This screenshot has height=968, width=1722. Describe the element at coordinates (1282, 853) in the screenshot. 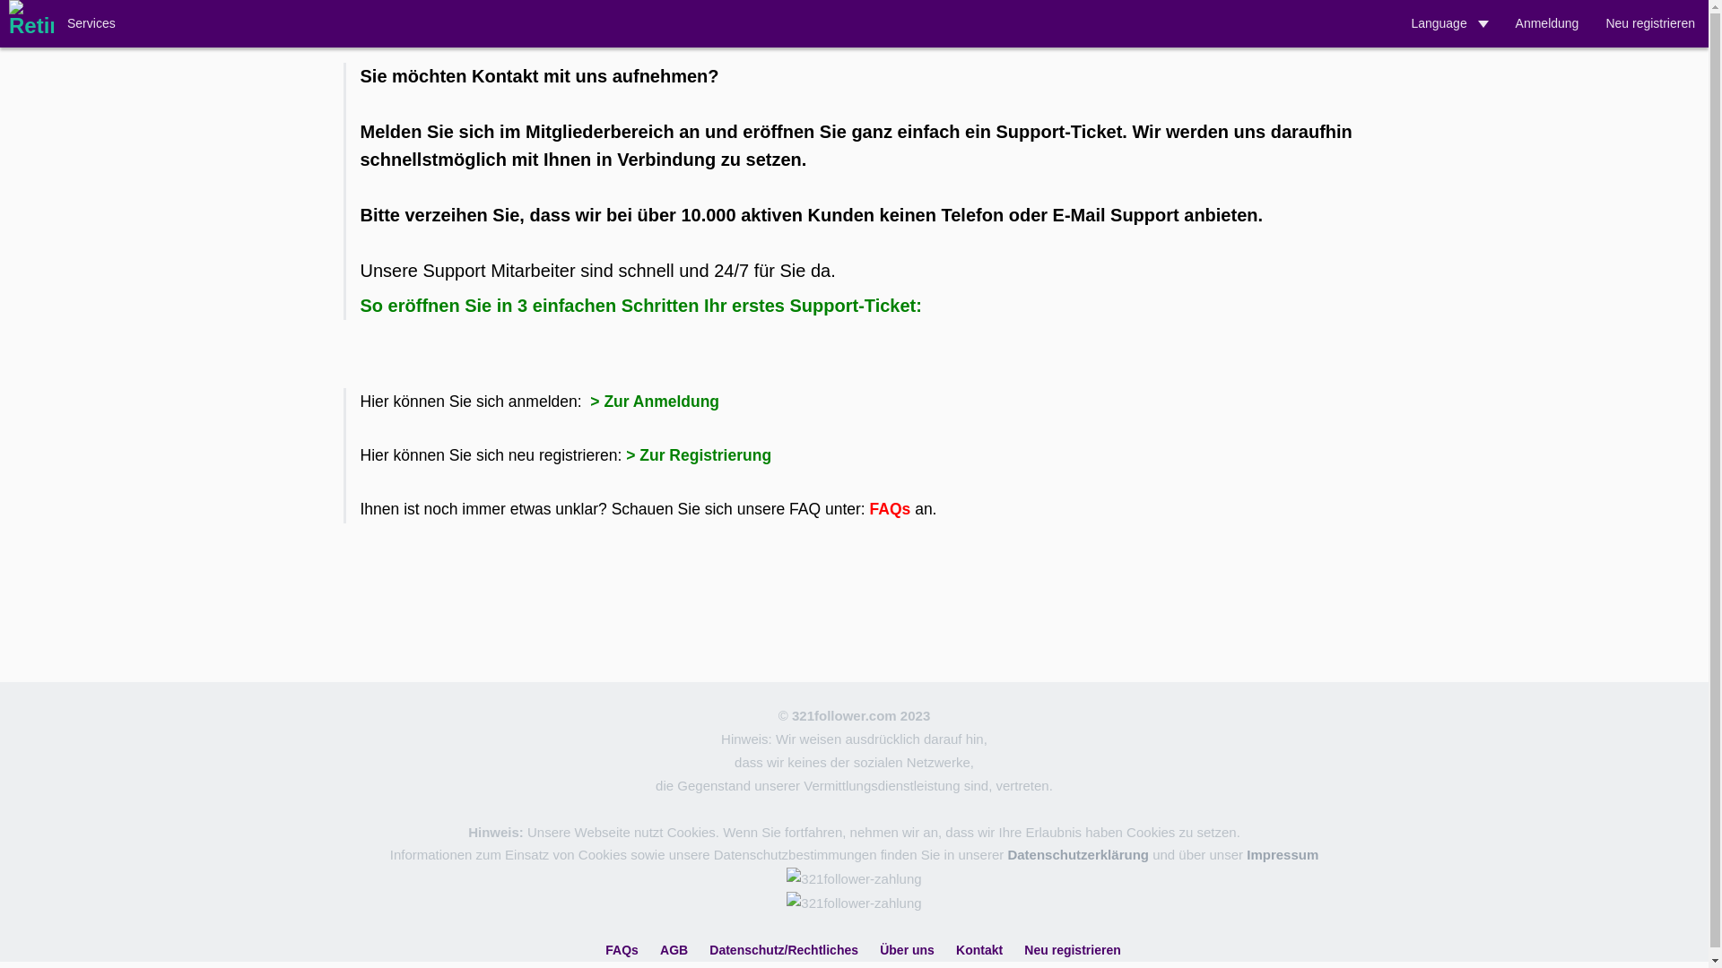

I see `'Impressum'` at that location.